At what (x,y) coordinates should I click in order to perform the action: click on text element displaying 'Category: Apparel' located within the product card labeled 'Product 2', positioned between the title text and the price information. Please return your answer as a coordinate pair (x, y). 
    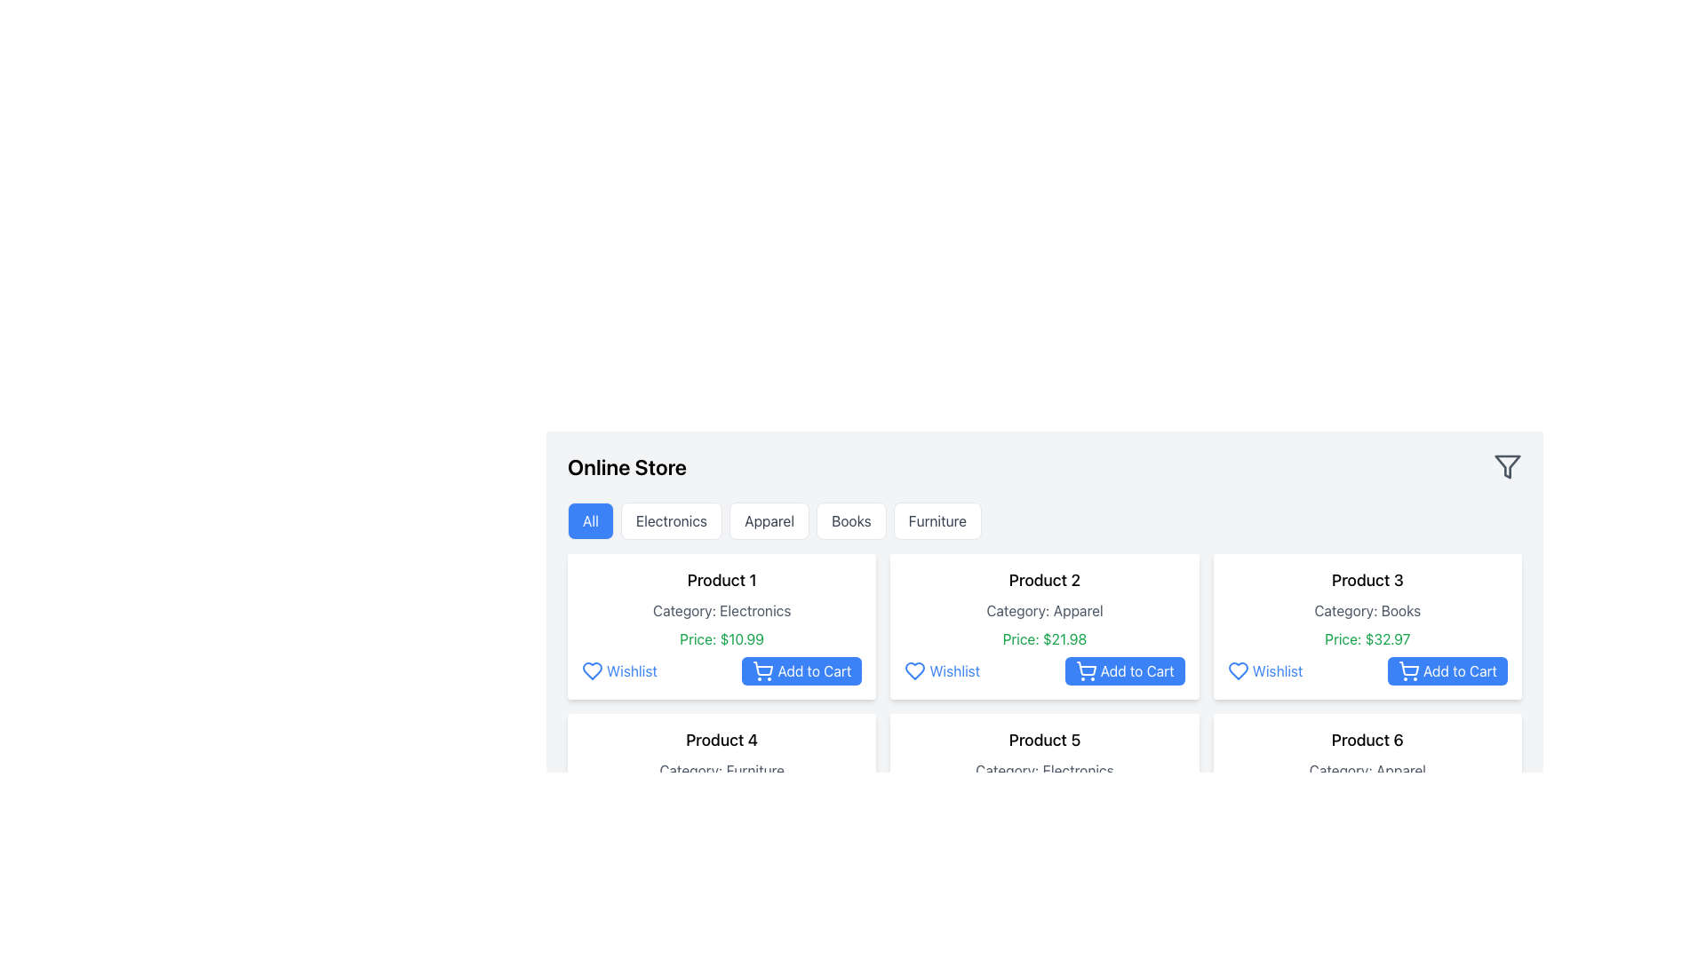
    Looking at the image, I should click on (1045, 609).